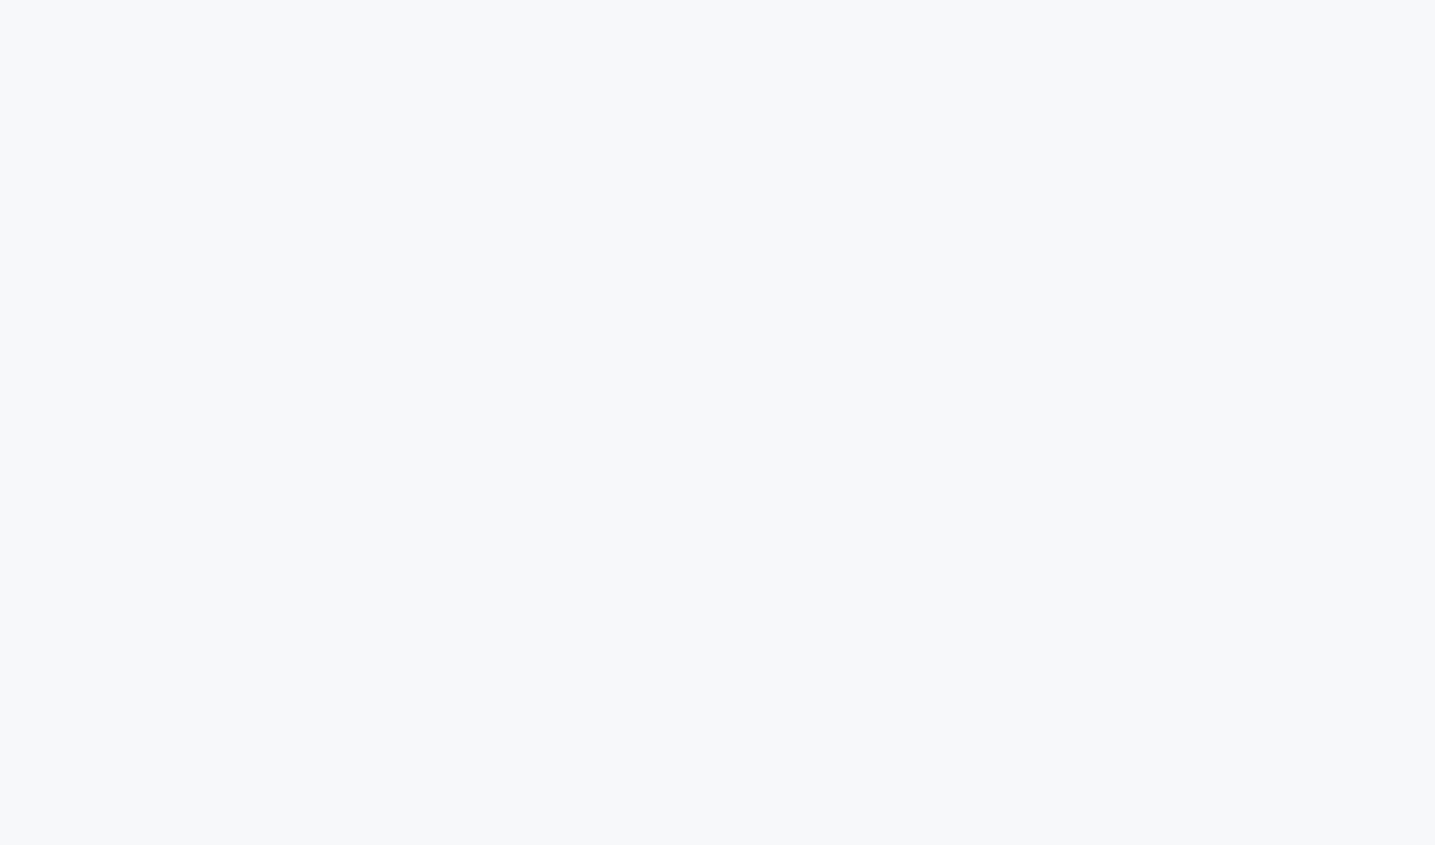 The image size is (1435, 845). What do you see at coordinates (811, 728) in the screenshot?
I see `'Contact Us'` at bounding box center [811, 728].